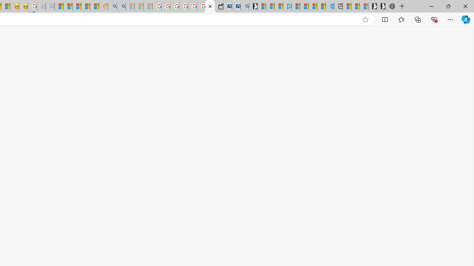 Image resolution: width=474 pixels, height=266 pixels. I want to click on 'Home | Sky Blue Bikes - Sky Blue Bikes', so click(329, 6).